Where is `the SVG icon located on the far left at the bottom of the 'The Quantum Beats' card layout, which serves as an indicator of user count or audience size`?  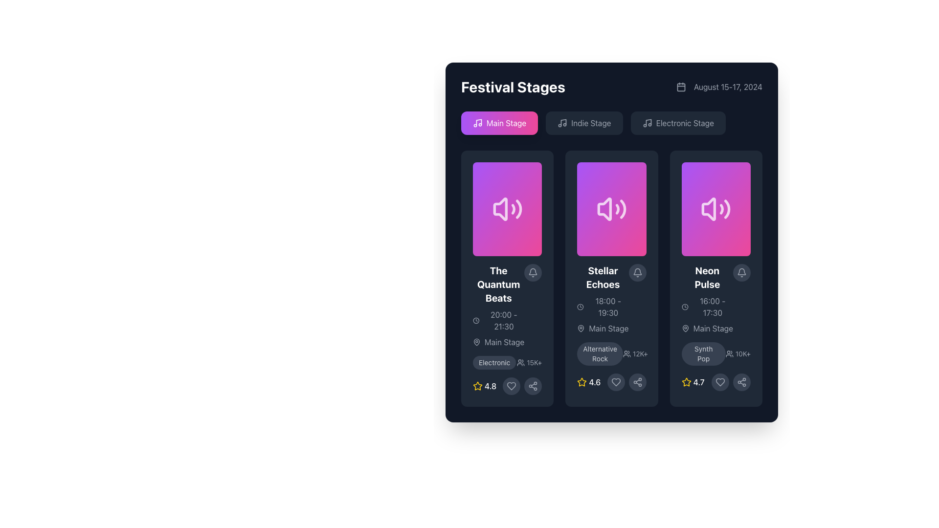
the SVG icon located on the far left at the bottom of the 'The Quantum Beats' card layout, which serves as an indicator of user count or audience size is located at coordinates (520, 362).